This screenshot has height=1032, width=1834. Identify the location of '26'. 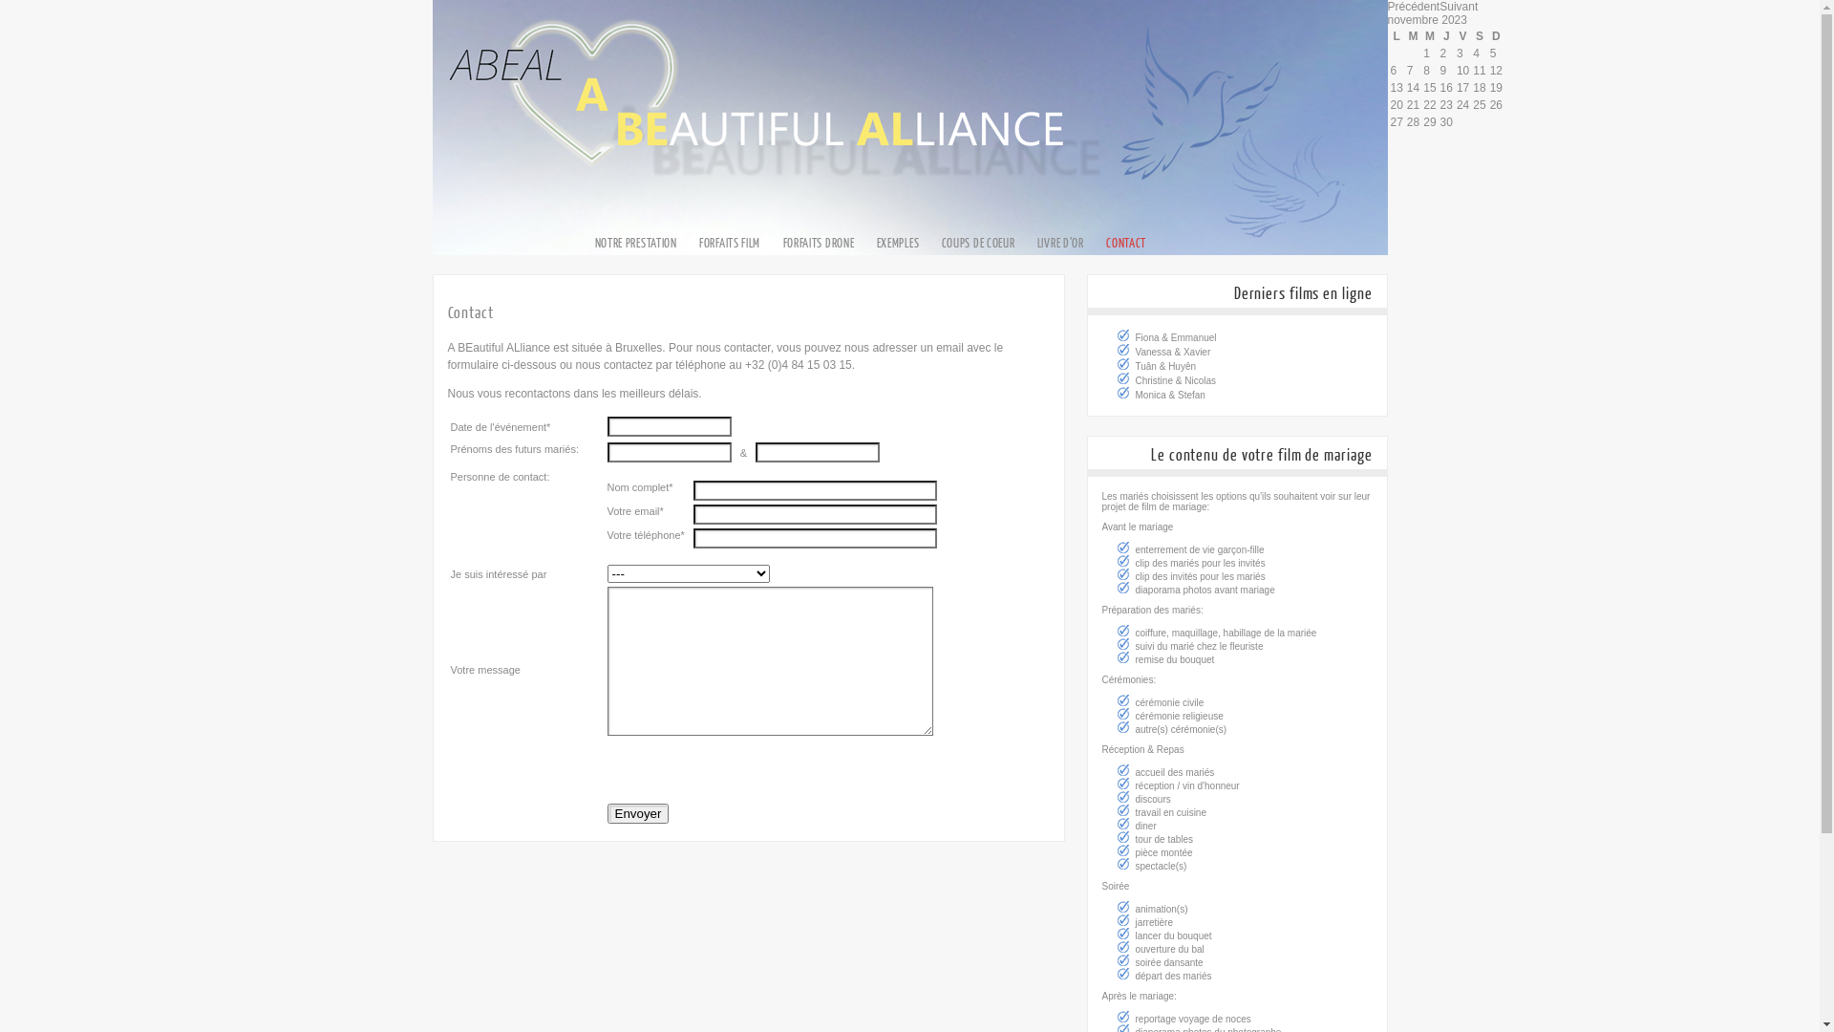
(1495, 105).